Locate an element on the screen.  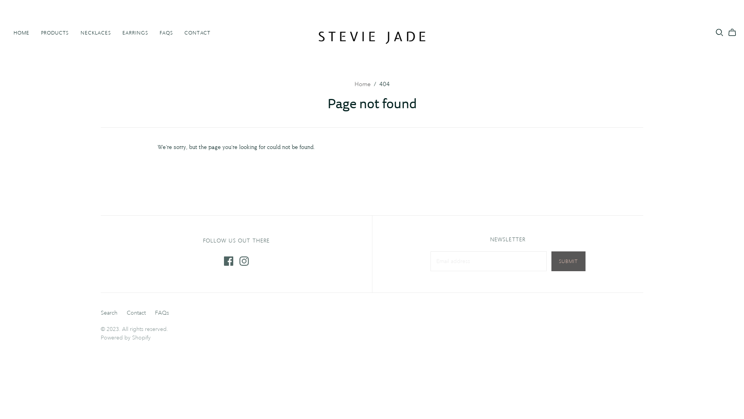
'Powered by Shopify' is located at coordinates (126, 337).